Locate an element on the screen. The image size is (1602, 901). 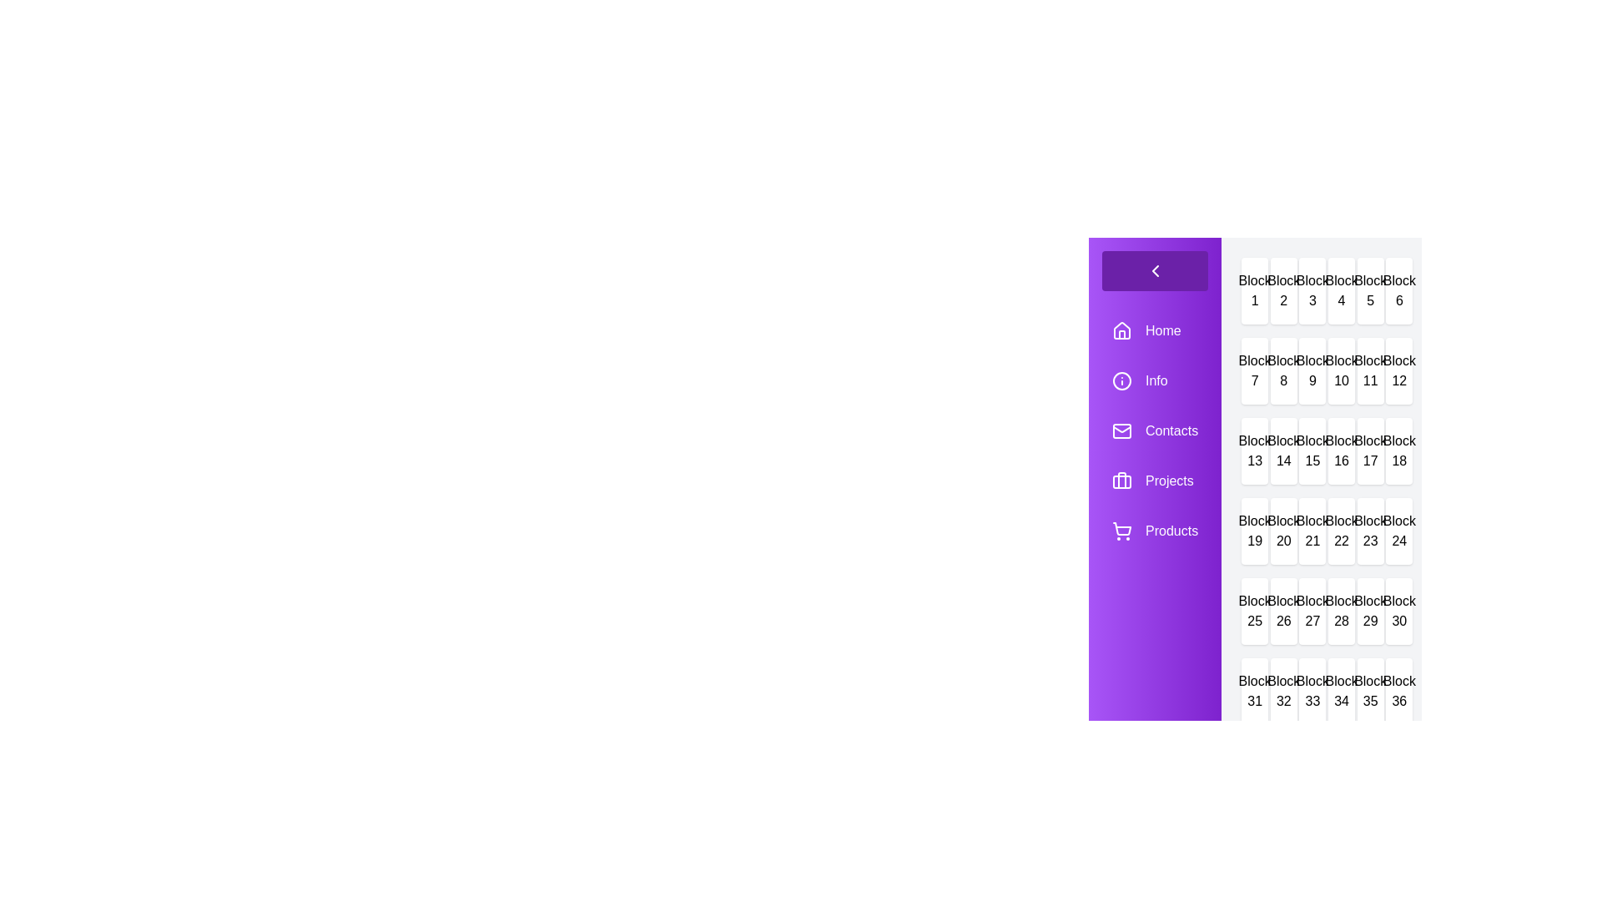
the menu item labeled Home to navigate is located at coordinates (1153, 331).